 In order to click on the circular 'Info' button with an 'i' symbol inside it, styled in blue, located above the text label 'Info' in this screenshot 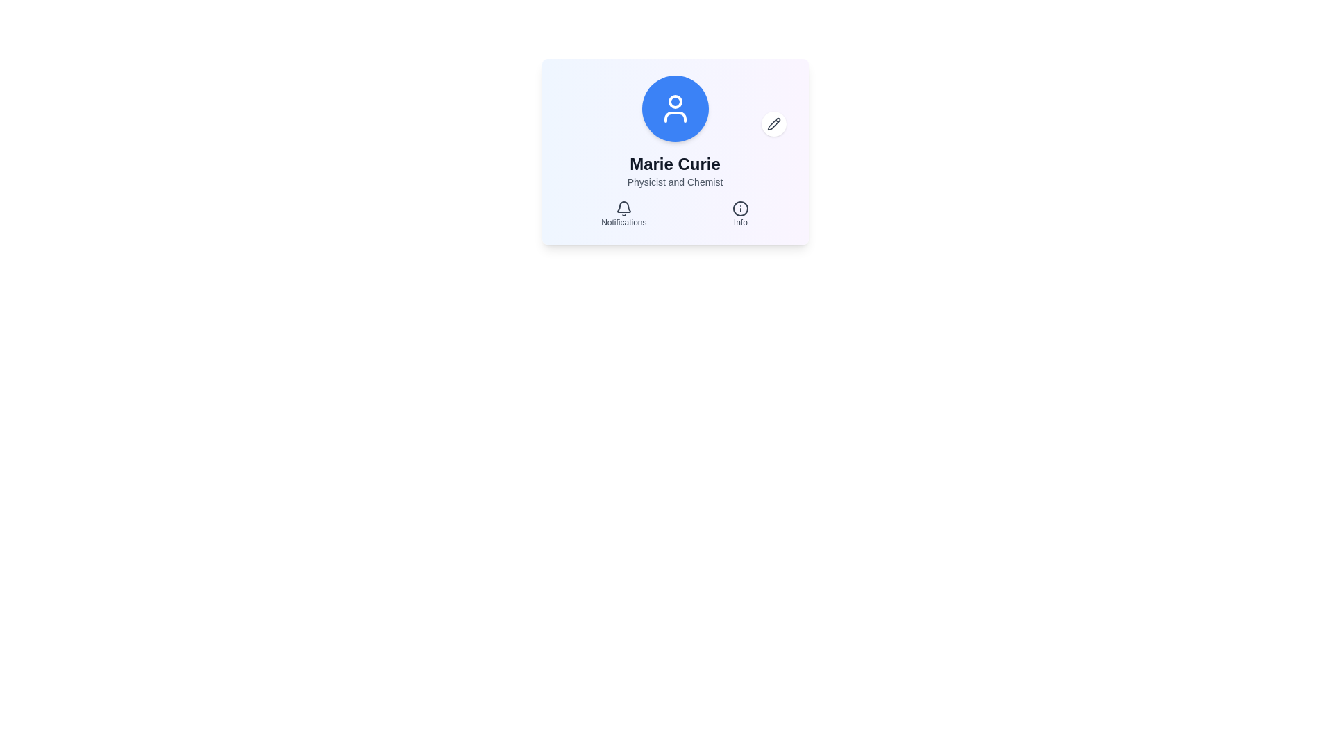, I will do `click(739, 214)`.